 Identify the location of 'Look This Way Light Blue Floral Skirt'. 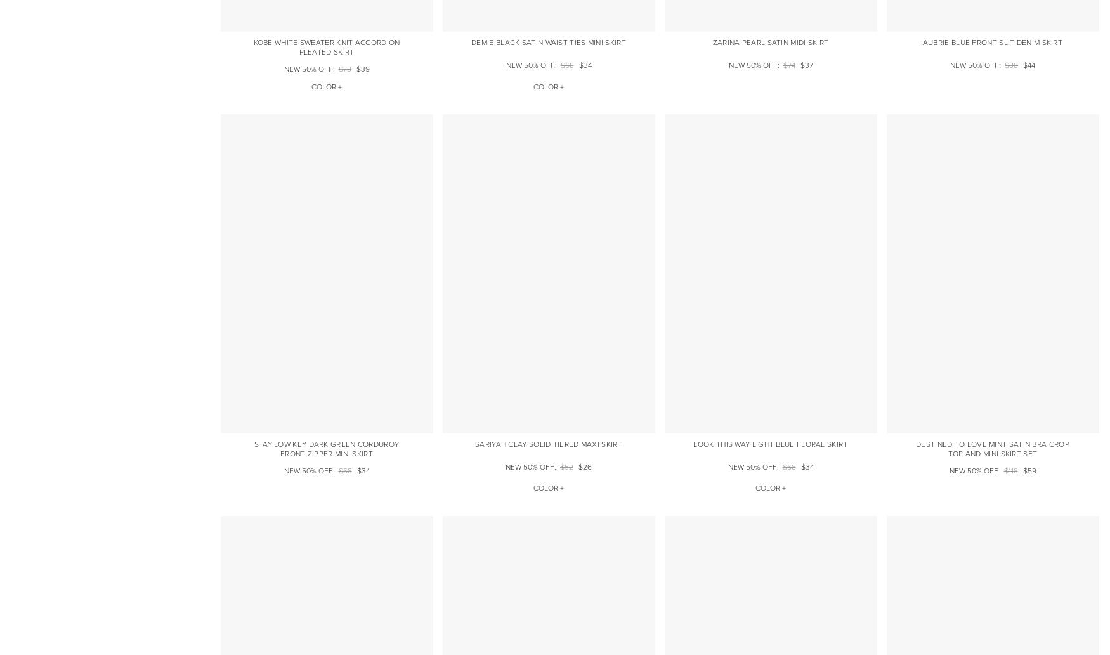
(693, 443).